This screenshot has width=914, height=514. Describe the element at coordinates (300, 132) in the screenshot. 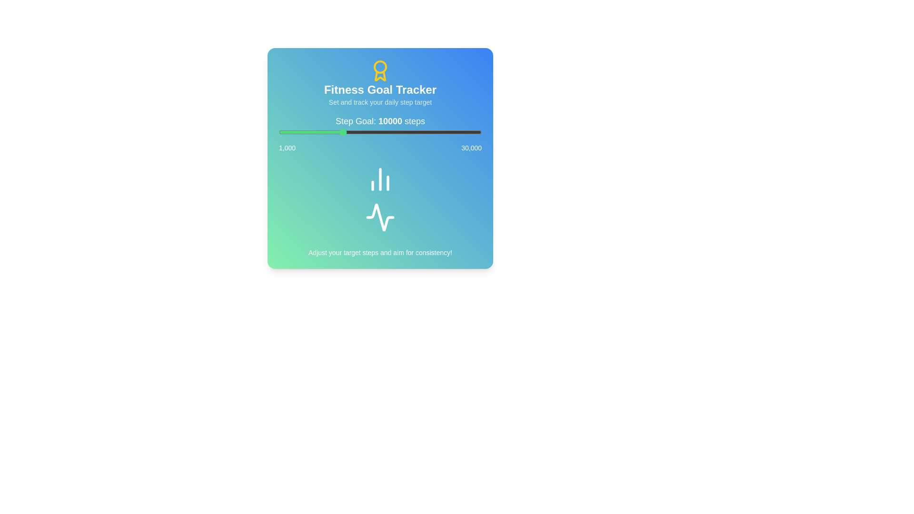

I see `the step goal to 4136 steps using the slider` at that location.